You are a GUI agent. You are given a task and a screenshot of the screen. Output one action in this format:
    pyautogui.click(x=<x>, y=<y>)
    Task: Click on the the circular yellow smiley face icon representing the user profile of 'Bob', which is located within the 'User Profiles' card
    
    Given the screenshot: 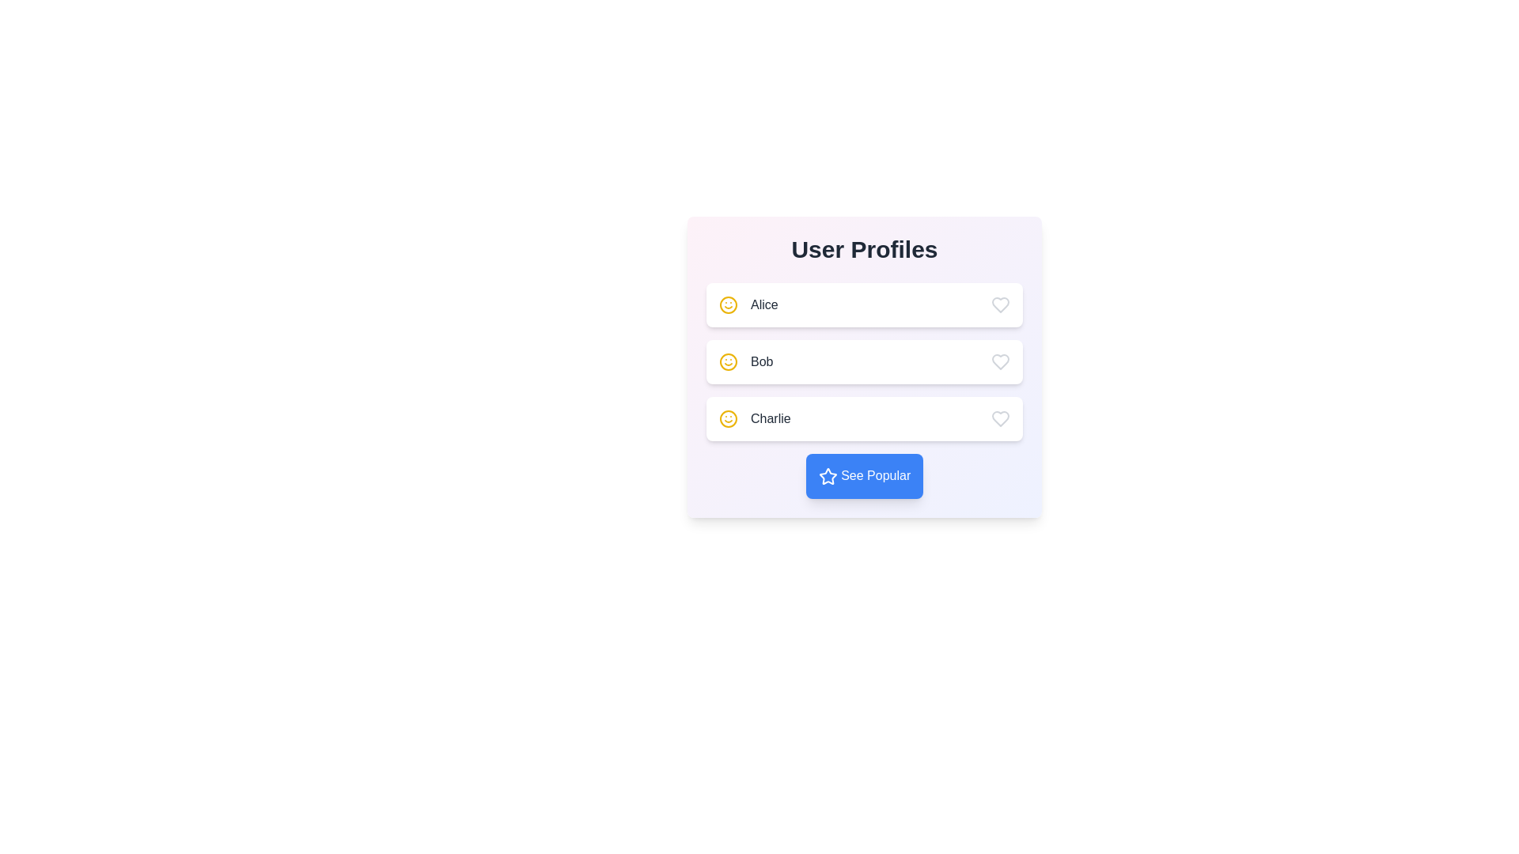 What is the action you would take?
    pyautogui.click(x=728, y=362)
    